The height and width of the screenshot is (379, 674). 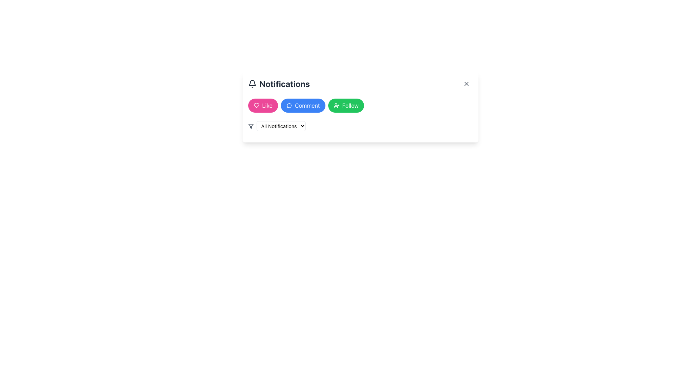 I want to click on the bell icon located on the left side of the 'Notifications' text, so click(x=252, y=84).